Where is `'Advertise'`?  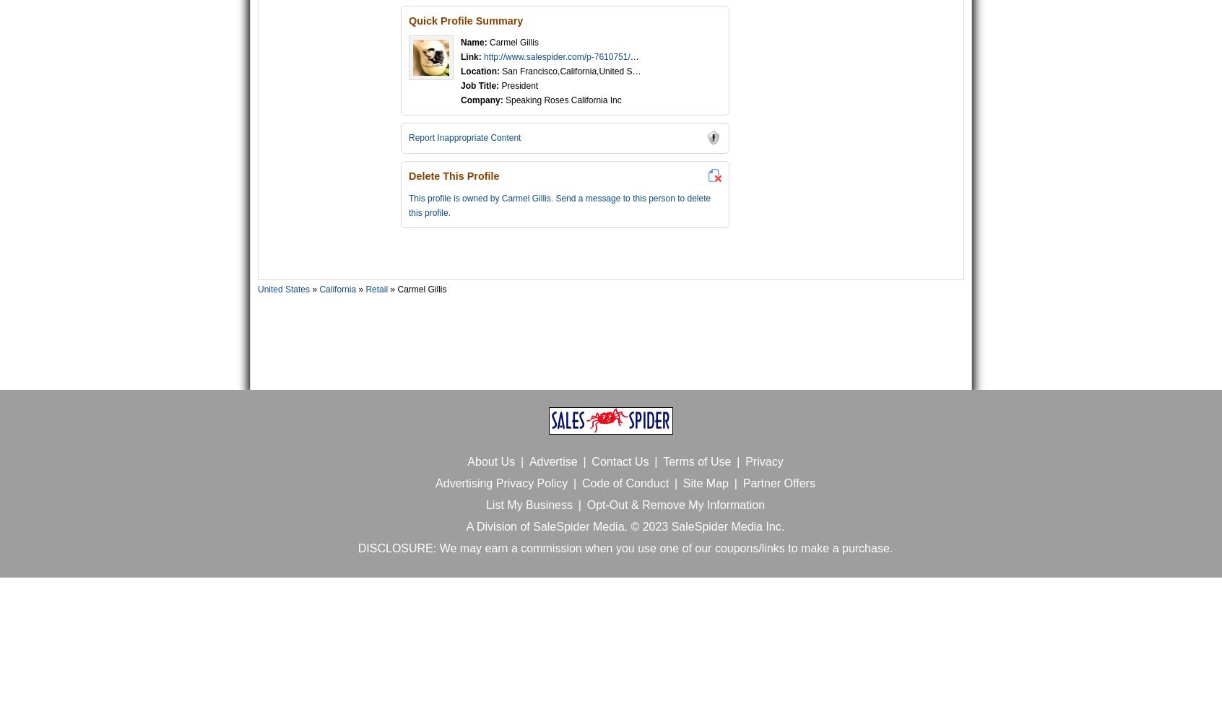
'Advertise' is located at coordinates (552, 461).